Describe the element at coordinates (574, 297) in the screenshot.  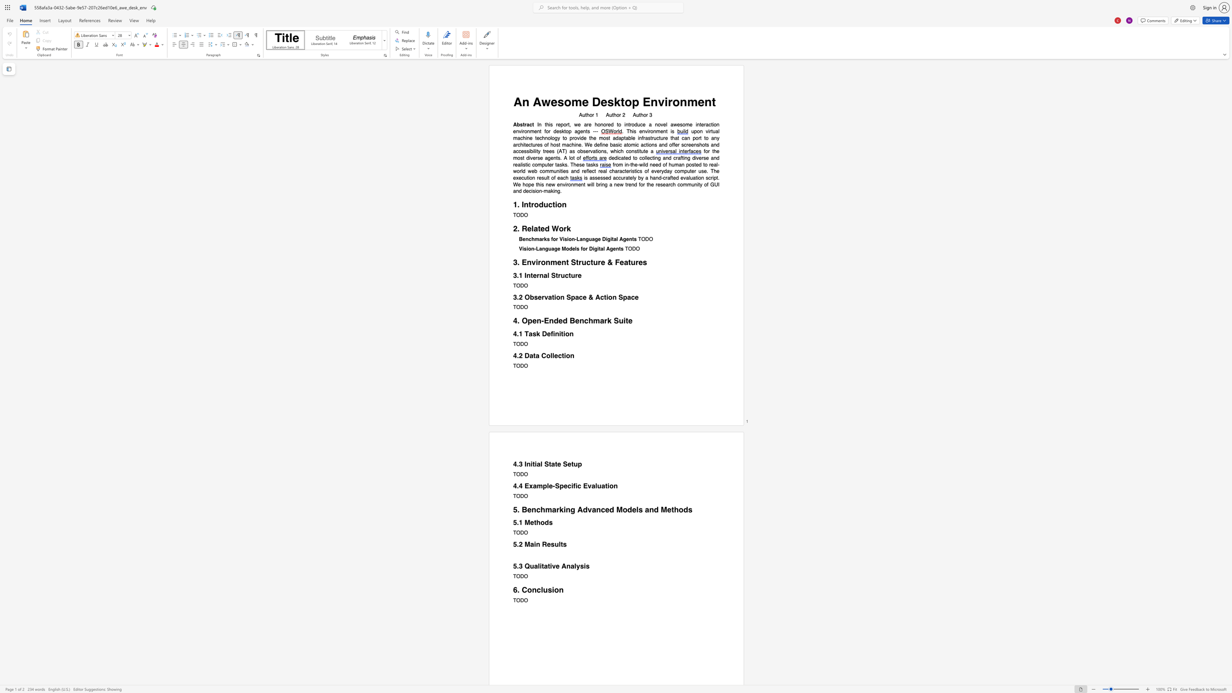
I see `the subset text "ac" within the text "3.2 Observation Space & Action Space"` at that location.